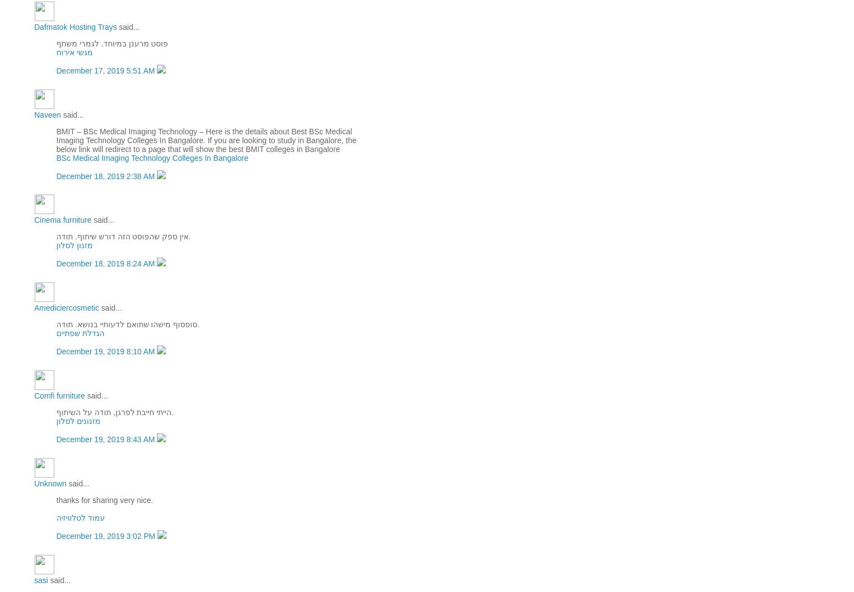 This screenshot has height=592, width=854. I want to click on 'BMIT – BSc Medical Imaging Technology – Here is the details about Best BSc Medical Imaging Technology Colleges In Bangalore. If you are looking to study in Bangalore, the below link will redirect to a page that will show the best BMIT colleges in Bangalore', so click(205, 139).